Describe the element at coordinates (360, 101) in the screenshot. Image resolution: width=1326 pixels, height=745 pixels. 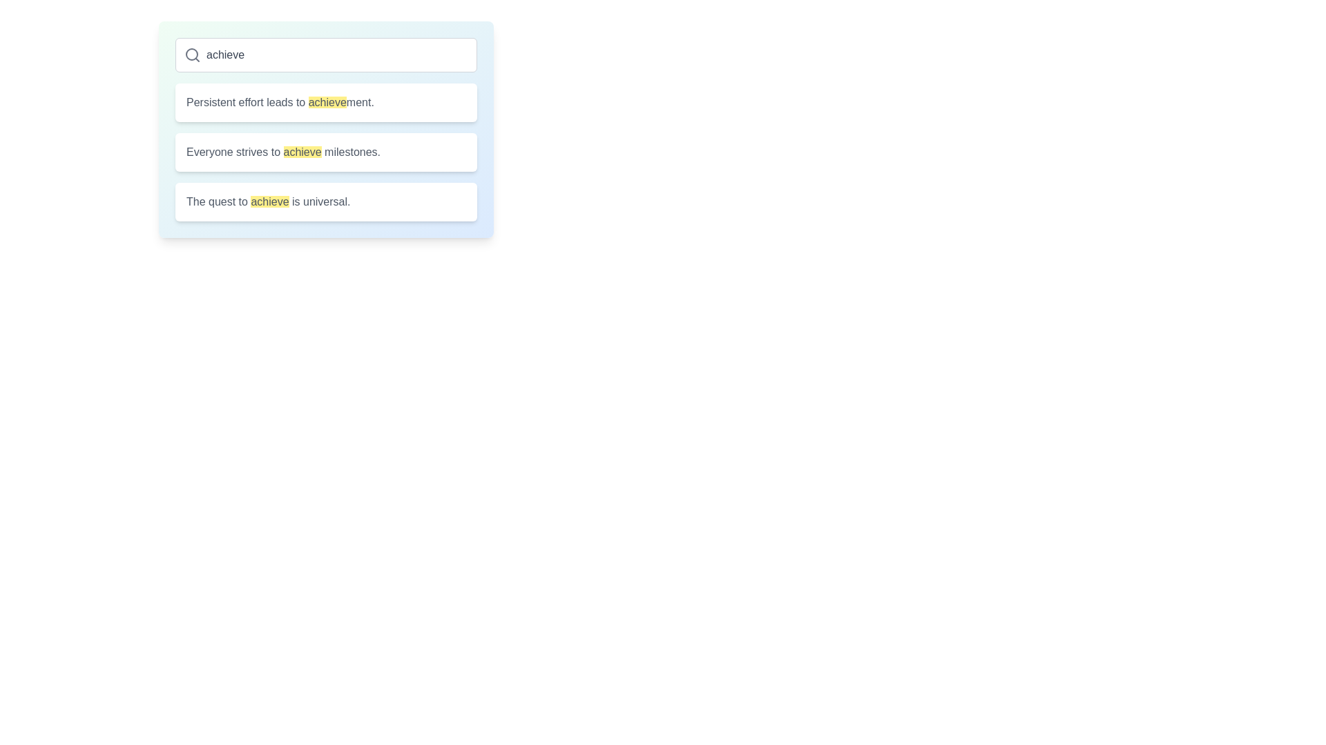
I see `the text fragment 'ment.' which is styled consistently with surrounding text and located at the end of the sentence 'Persistent effort leads to achievement.'` at that location.